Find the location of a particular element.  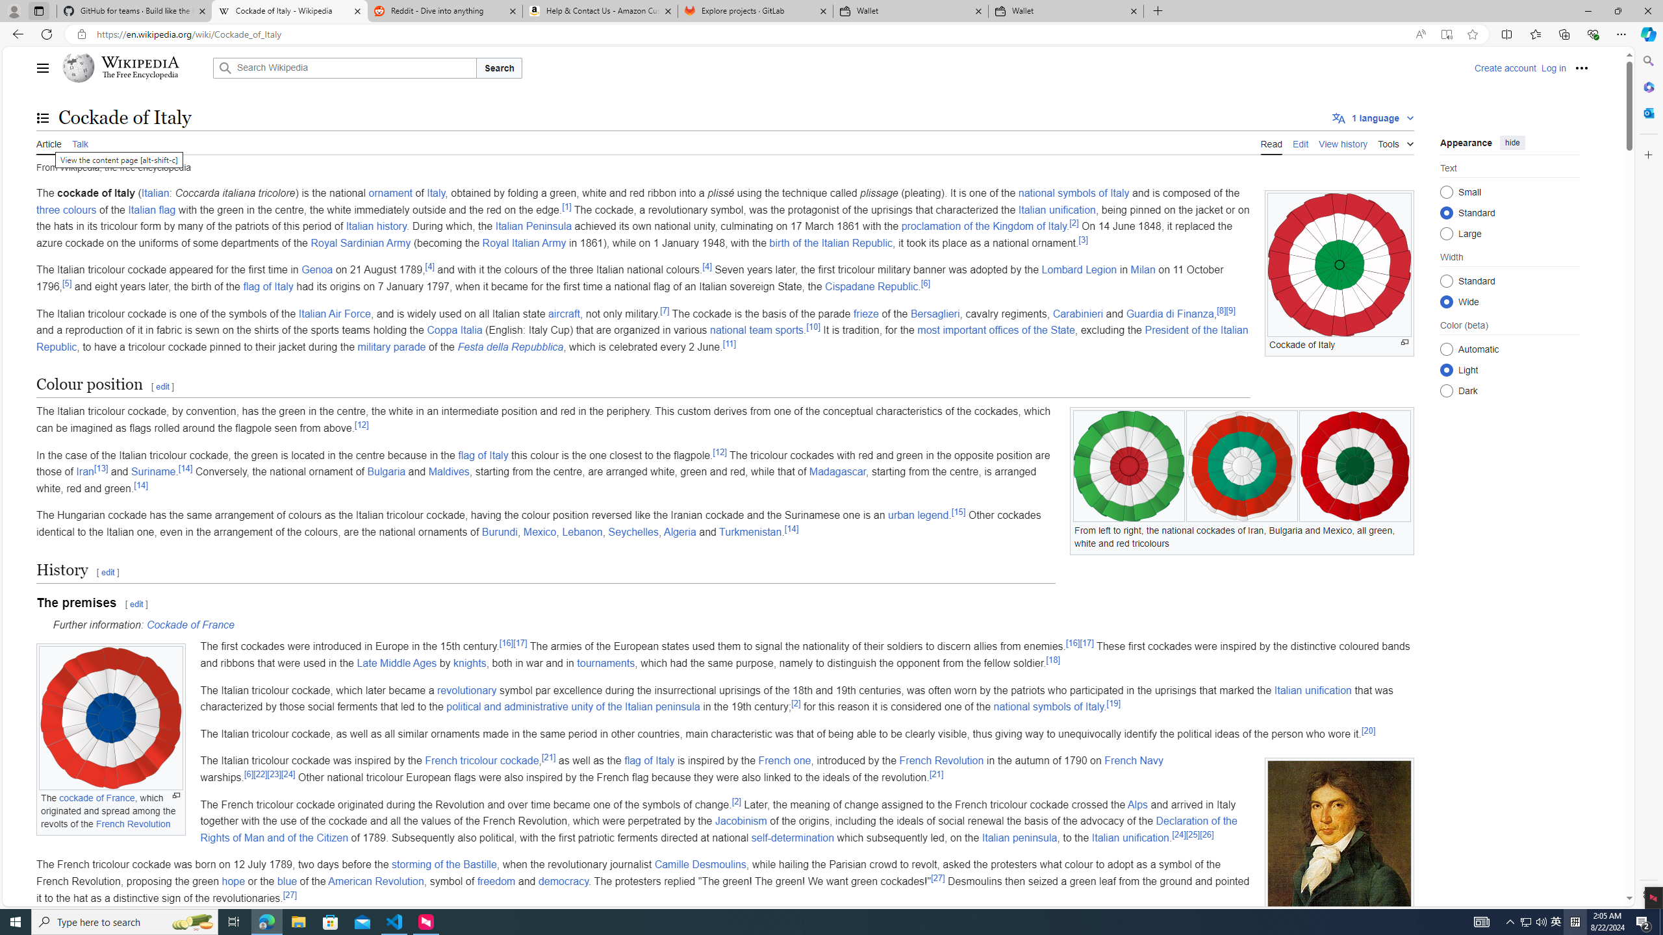

'[27]' is located at coordinates (289, 893).